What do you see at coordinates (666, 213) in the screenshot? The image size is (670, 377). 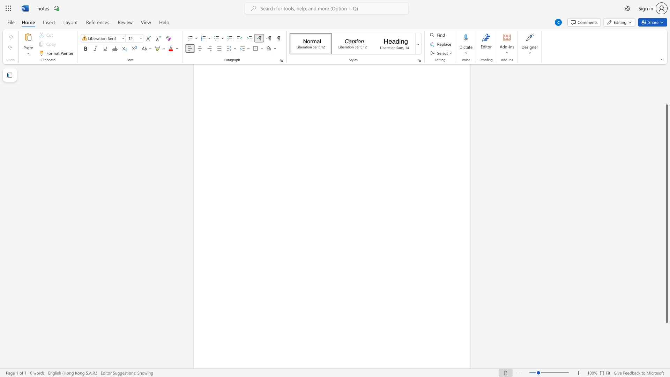 I see `the scrollbar and move down 60 pixels` at bounding box center [666, 213].